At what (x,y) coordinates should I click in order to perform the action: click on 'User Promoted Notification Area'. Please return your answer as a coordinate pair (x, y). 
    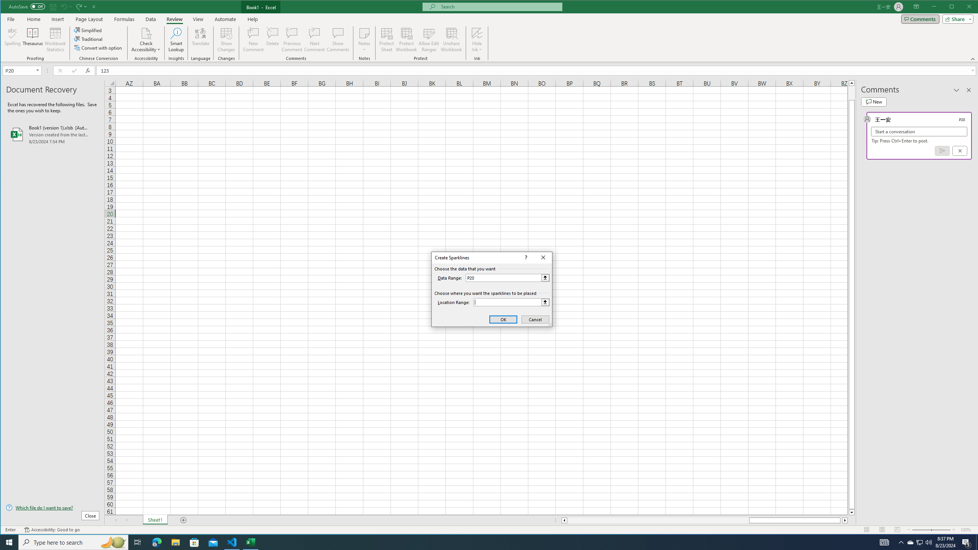
    Looking at the image, I should click on (919, 542).